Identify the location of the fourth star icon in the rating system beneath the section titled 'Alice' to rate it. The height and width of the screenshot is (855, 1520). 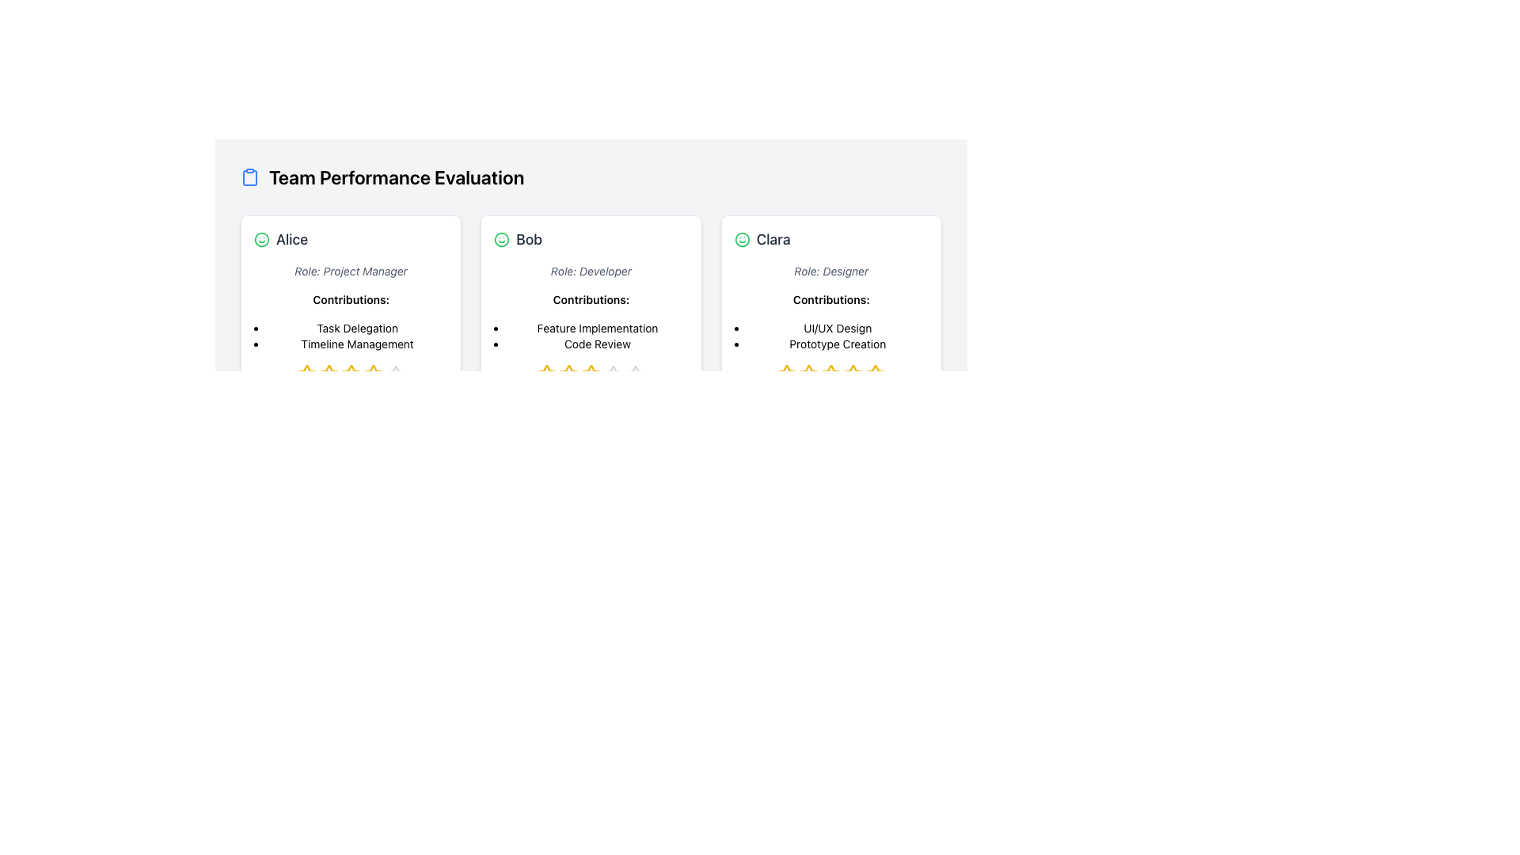
(372, 374).